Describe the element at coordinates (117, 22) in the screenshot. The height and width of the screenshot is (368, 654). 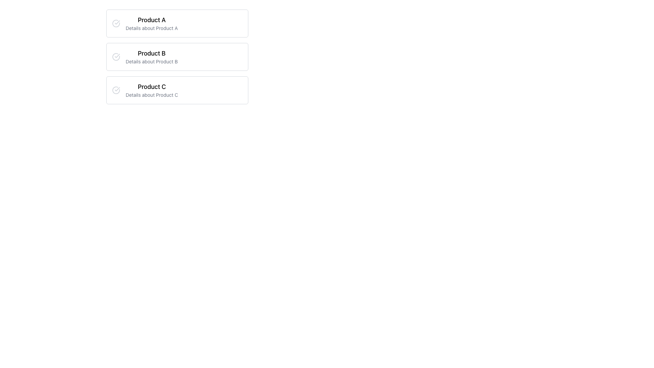
I see `the minimalist check-mark icon with a circular outline that precedes the text 'Product A' in the first list item` at that location.